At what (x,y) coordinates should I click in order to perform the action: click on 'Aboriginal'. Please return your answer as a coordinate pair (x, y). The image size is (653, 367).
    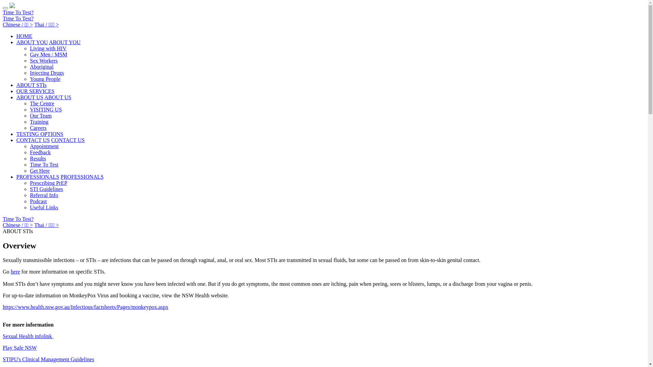
    Looking at the image, I should click on (41, 67).